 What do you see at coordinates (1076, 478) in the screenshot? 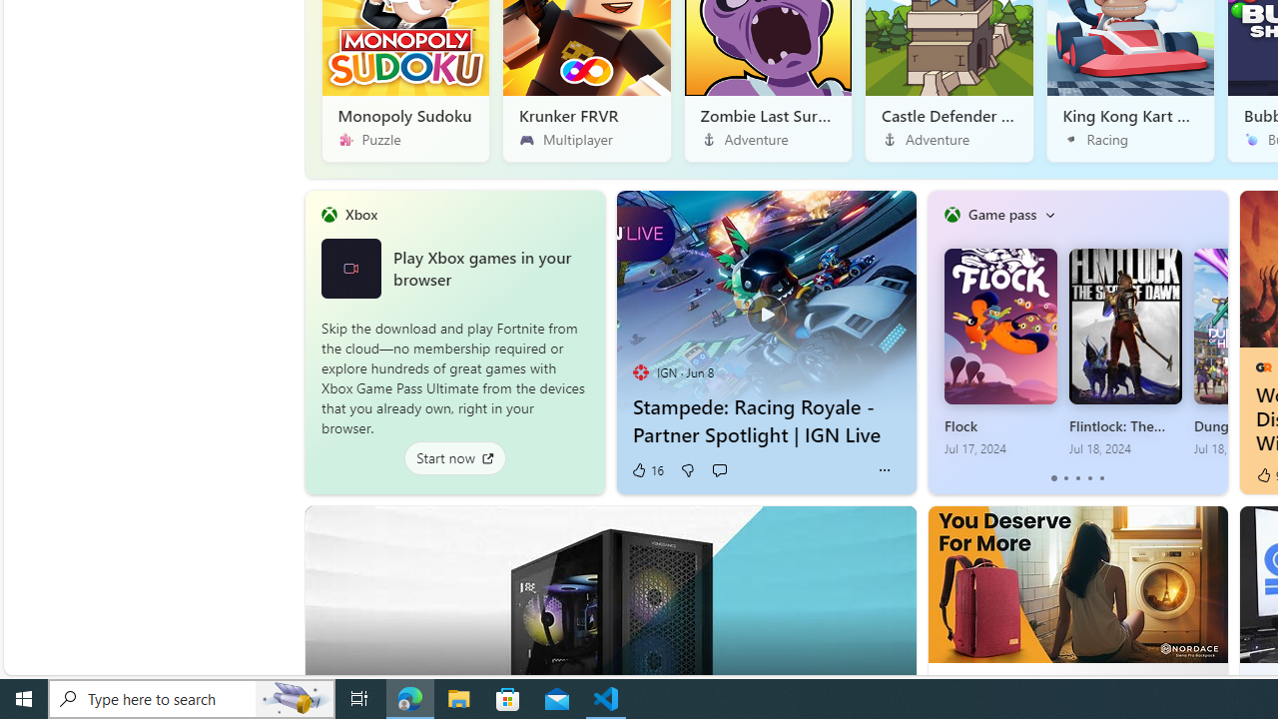
I see `'tab-2'` at bounding box center [1076, 478].